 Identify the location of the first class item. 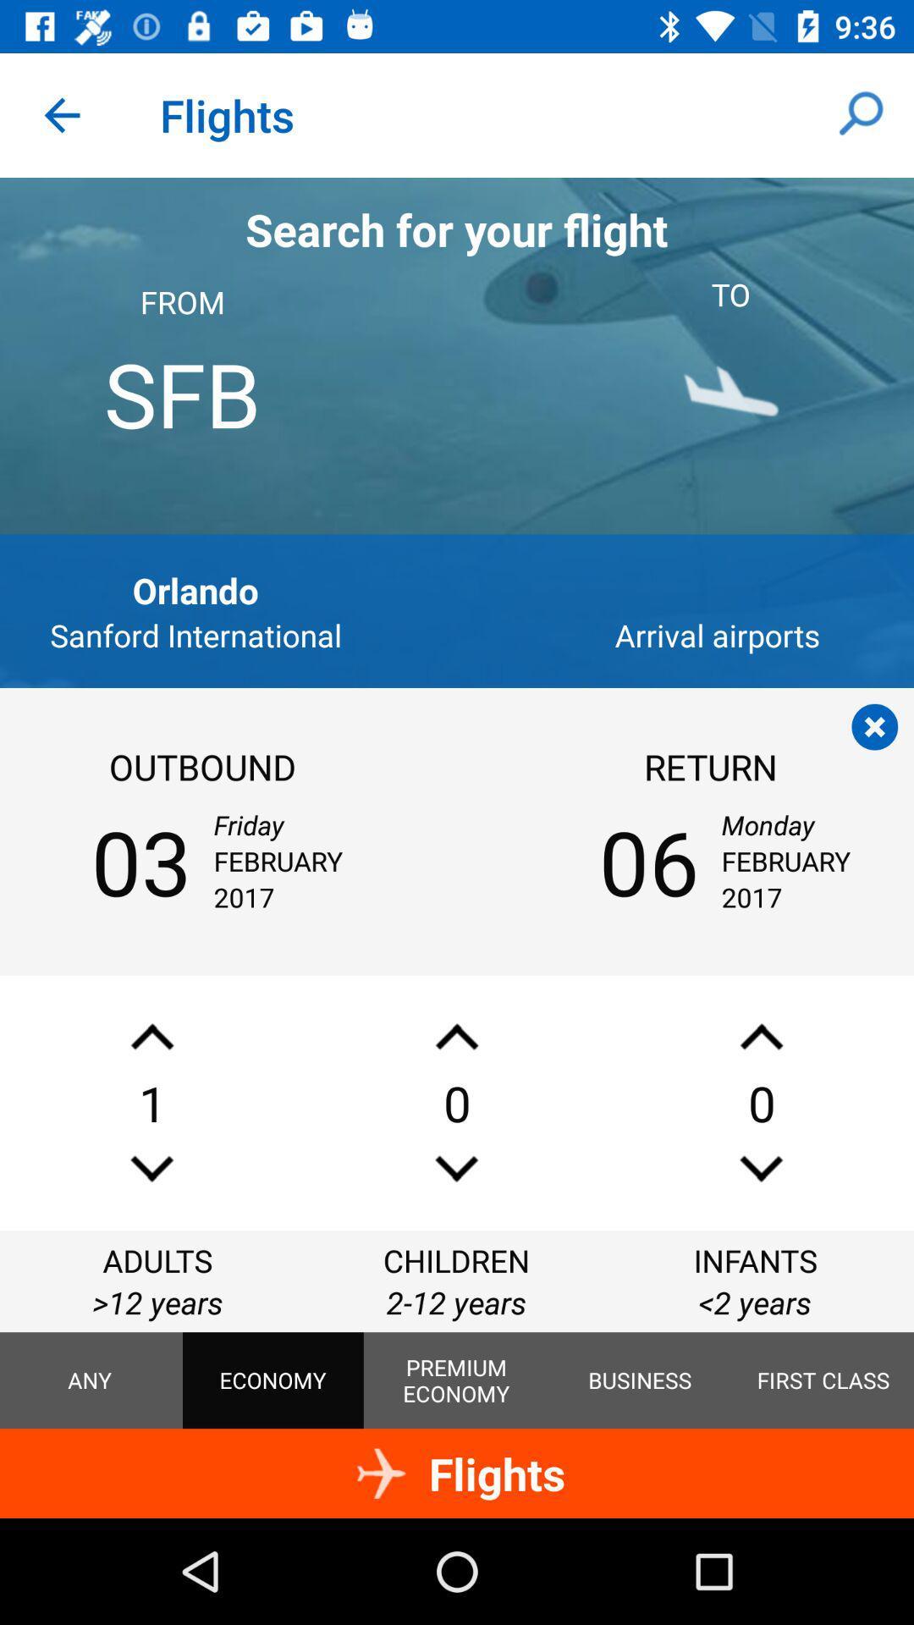
(823, 1380).